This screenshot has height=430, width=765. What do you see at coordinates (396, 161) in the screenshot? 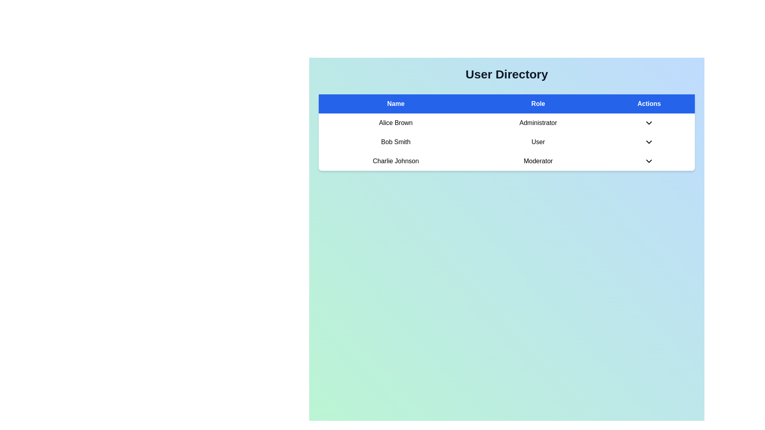
I see `the static text label displaying the name 'Charlie Johnson' located in the first column of the user details table` at bounding box center [396, 161].